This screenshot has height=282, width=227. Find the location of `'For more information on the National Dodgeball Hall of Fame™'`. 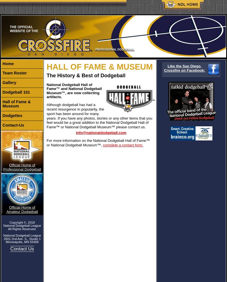

'For more information on the National Dodgeball Hall of Fame™' is located at coordinates (98, 140).